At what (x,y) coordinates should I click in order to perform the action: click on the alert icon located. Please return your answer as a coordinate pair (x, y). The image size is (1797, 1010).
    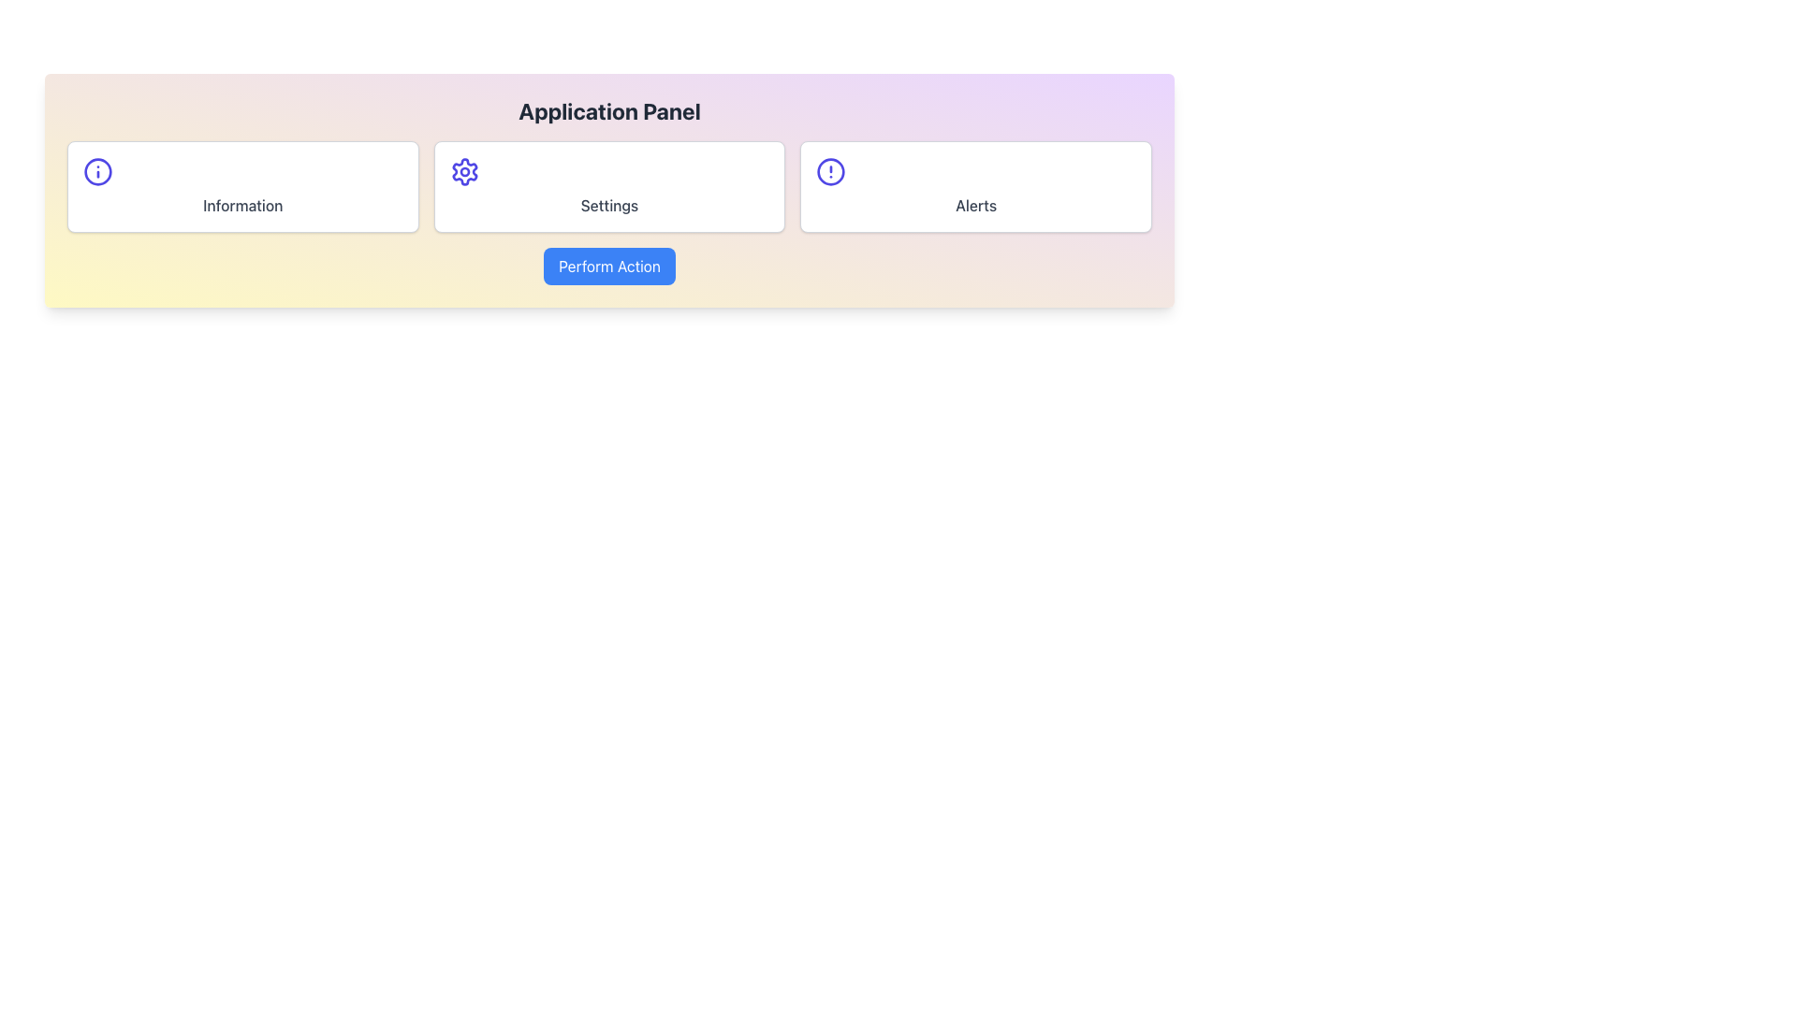
    Looking at the image, I should click on (830, 172).